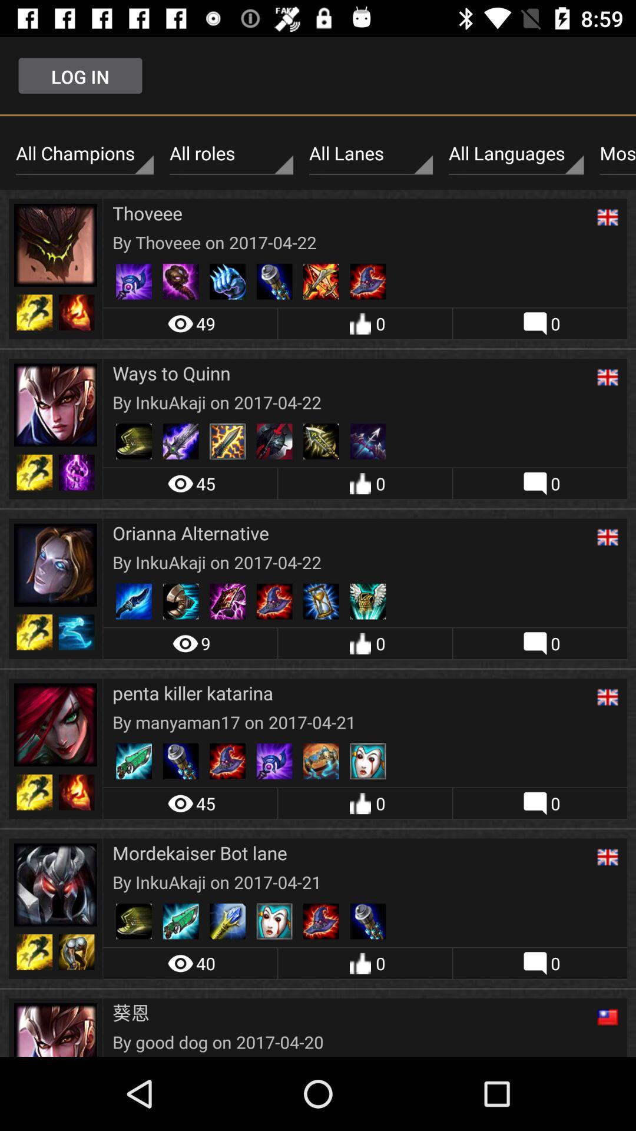  Describe the element at coordinates (84, 153) in the screenshot. I see `item to the left of the all roles icon` at that location.